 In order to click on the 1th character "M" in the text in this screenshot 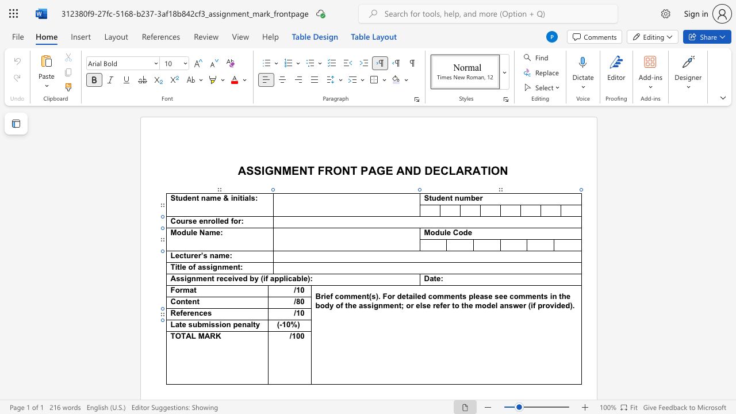, I will do `click(201, 336)`.